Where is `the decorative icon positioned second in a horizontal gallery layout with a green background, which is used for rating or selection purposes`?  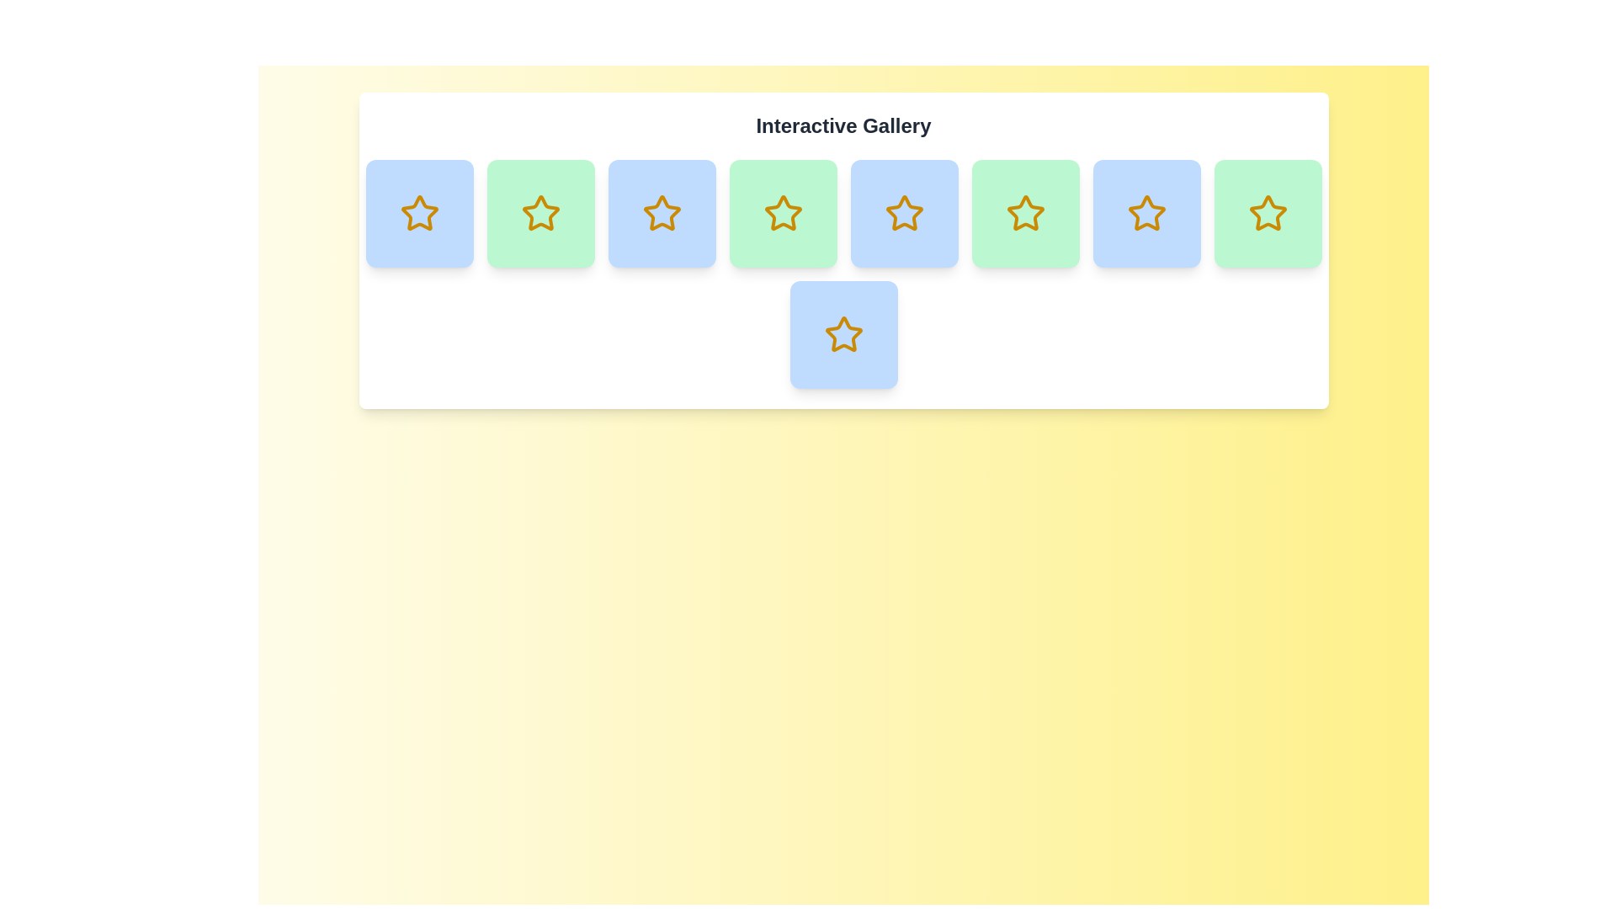
the decorative icon positioned second in a horizontal gallery layout with a green background, which is used for rating or selection purposes is located at coordinates (540, 213).